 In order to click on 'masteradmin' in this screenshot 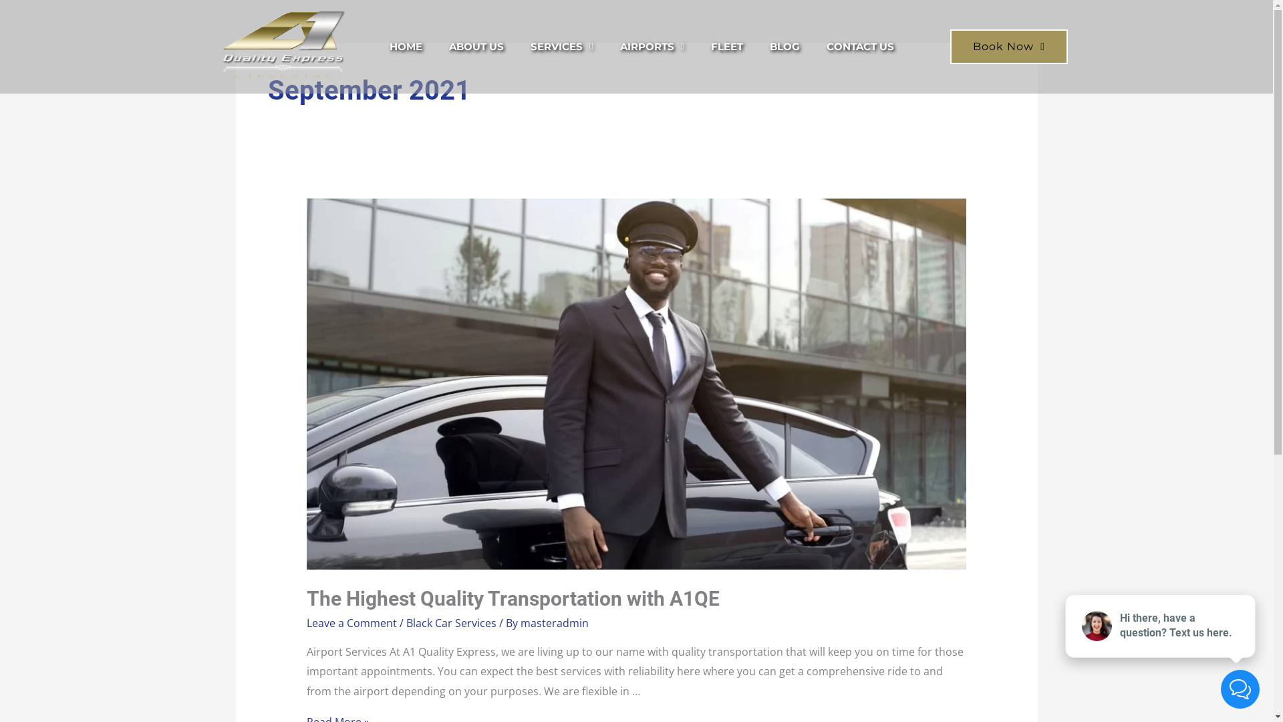, I will do `click(555, 623)`.